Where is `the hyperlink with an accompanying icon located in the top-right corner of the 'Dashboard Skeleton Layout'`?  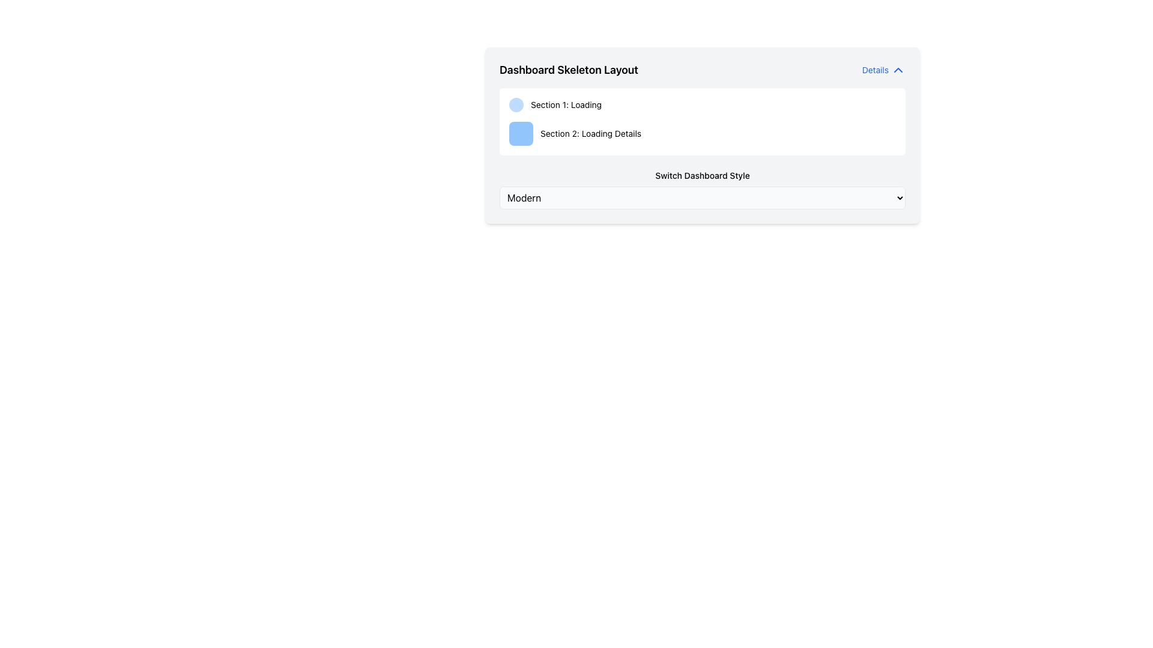
the hyperlink with an accompanying icon located in the top-right corner of the 'Dashboard Skeleton Layout' is located at coordinates (883, 70).